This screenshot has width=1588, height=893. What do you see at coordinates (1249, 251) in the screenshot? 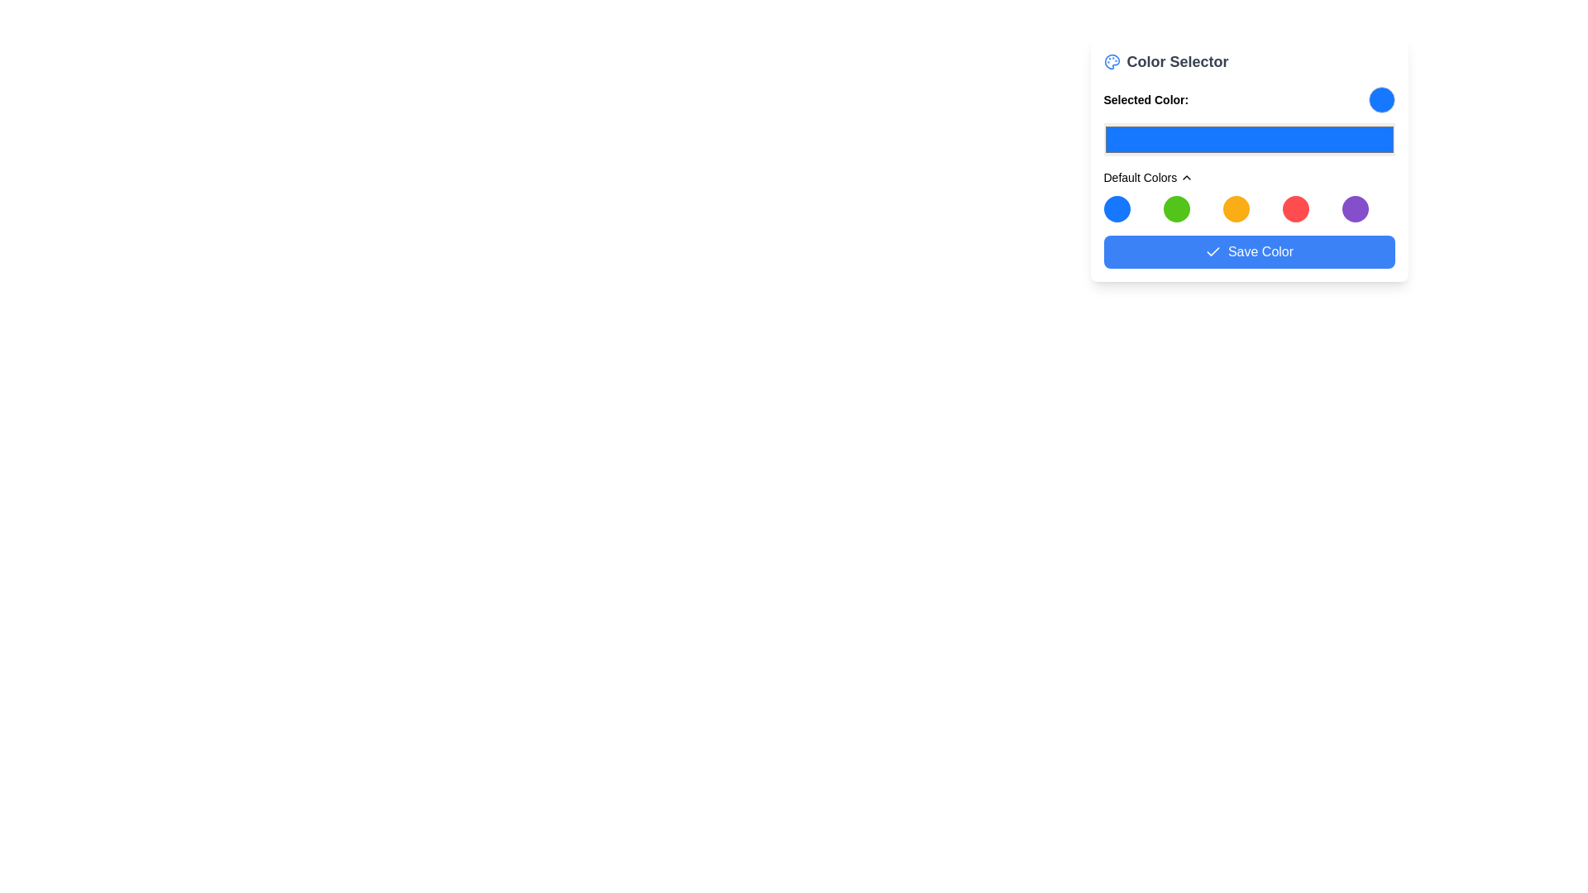
I see `the blue rectangular button labeled 'Save Color'` at bounding box center [1249, 251].